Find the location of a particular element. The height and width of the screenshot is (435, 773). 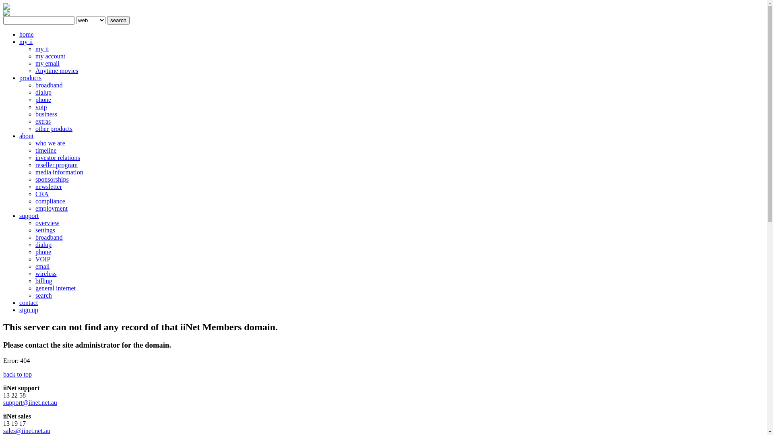

'sponsorships' is located at coordinates (35, 179).